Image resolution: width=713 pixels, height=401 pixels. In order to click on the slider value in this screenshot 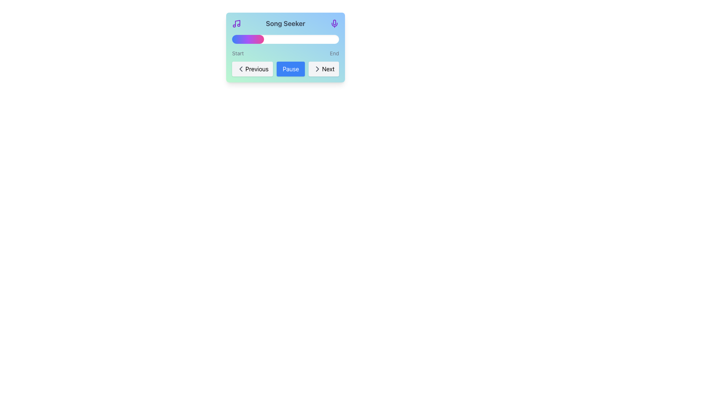, I will do `click(333, 39)`.